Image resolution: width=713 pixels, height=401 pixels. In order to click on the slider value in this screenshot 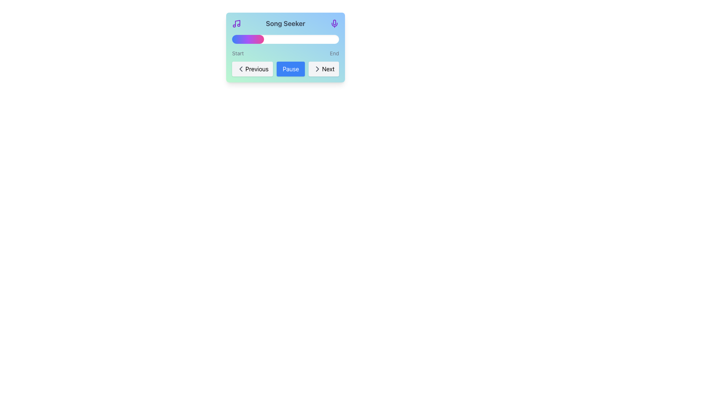, I will do `click(333, 39)`.